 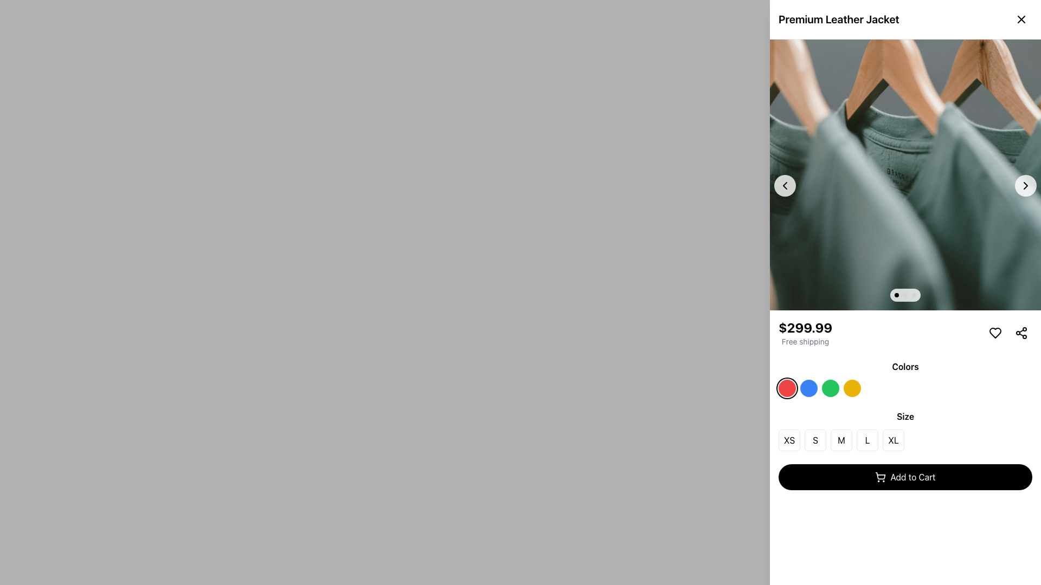 I want to click on the size selection button labeled 'M', which is a square box with a rounded border and contains the letter 'M' centered within it, so click(x=840, y=440).